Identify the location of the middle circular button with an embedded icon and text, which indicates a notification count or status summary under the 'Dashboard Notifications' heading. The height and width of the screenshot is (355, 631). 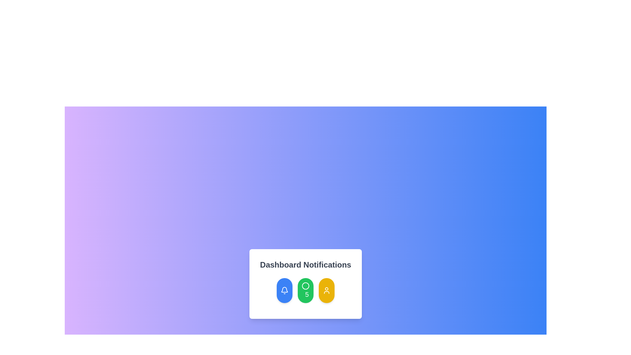
(305, 284).